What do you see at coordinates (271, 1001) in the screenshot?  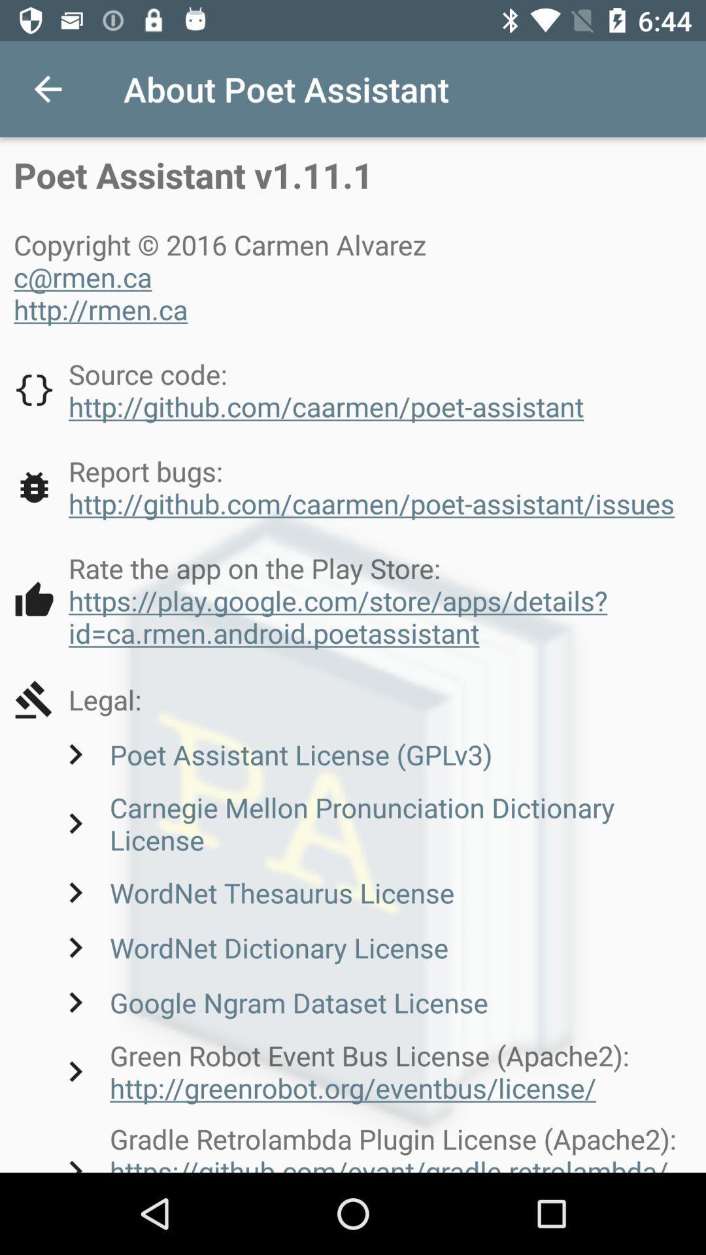 I see `google ngram dataset license which is 5th option in legal section` at bounding box center [271, 1001].